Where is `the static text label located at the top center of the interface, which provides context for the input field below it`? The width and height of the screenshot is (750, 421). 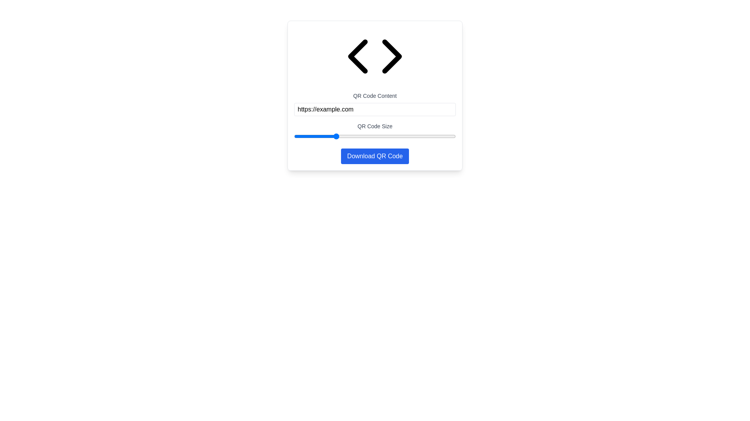 the static text label located at the top center of the interface, which provides context for the input field below it is located at coordinates (375, 96).